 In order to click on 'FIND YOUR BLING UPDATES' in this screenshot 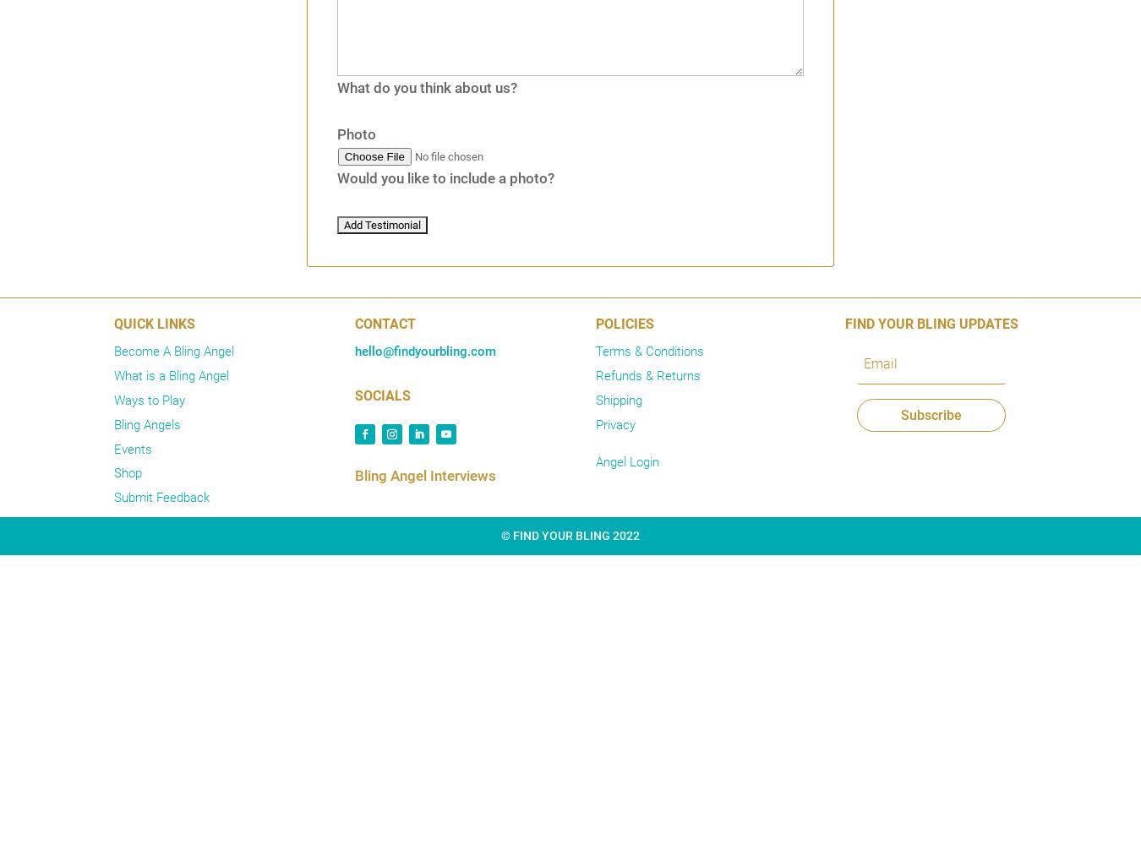, I will do `click(931, 323)`.